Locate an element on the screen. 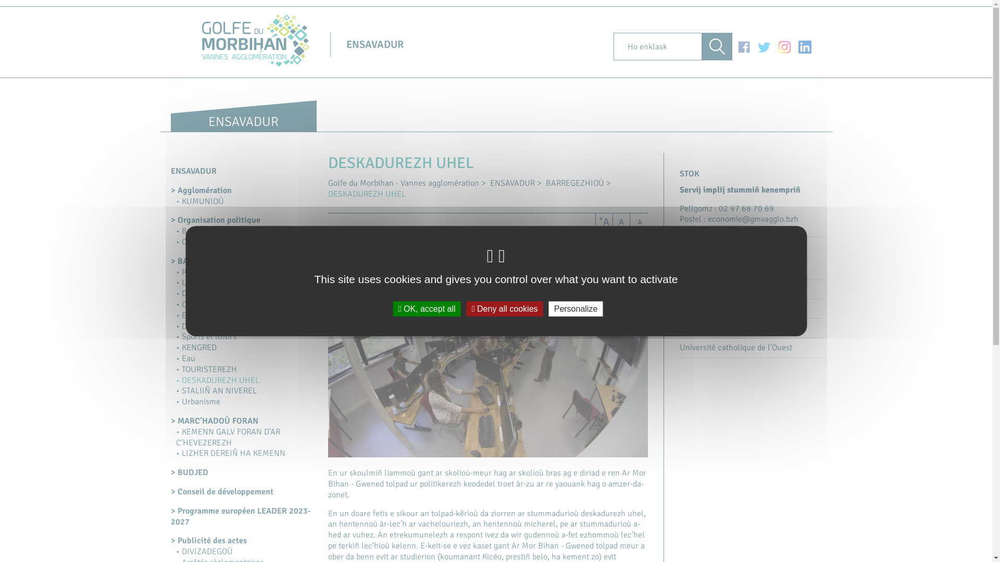 The width and height of the screenshot is (1000, 562). 'LASTEZ' is located at coordinates (176, 283).